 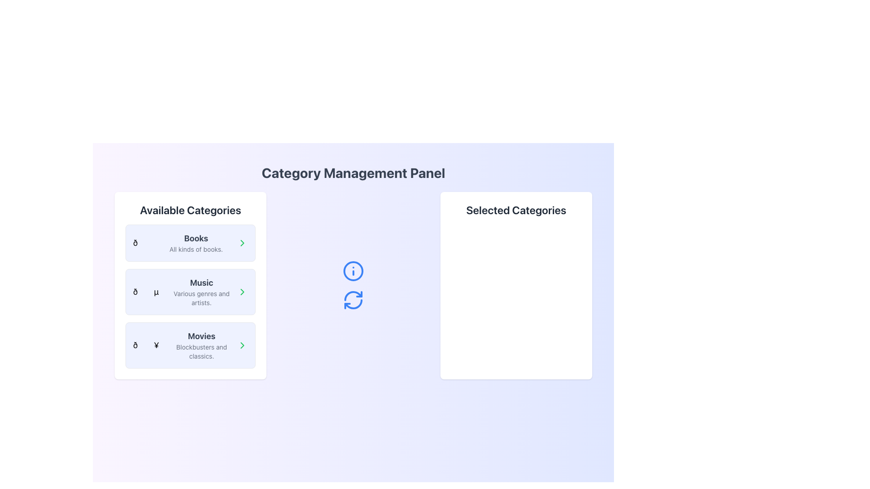 I want to click on informational static descriptive text beneath the 'Books' label in the first category card of the 'Available Categories' column, so click(x=195, y=249).